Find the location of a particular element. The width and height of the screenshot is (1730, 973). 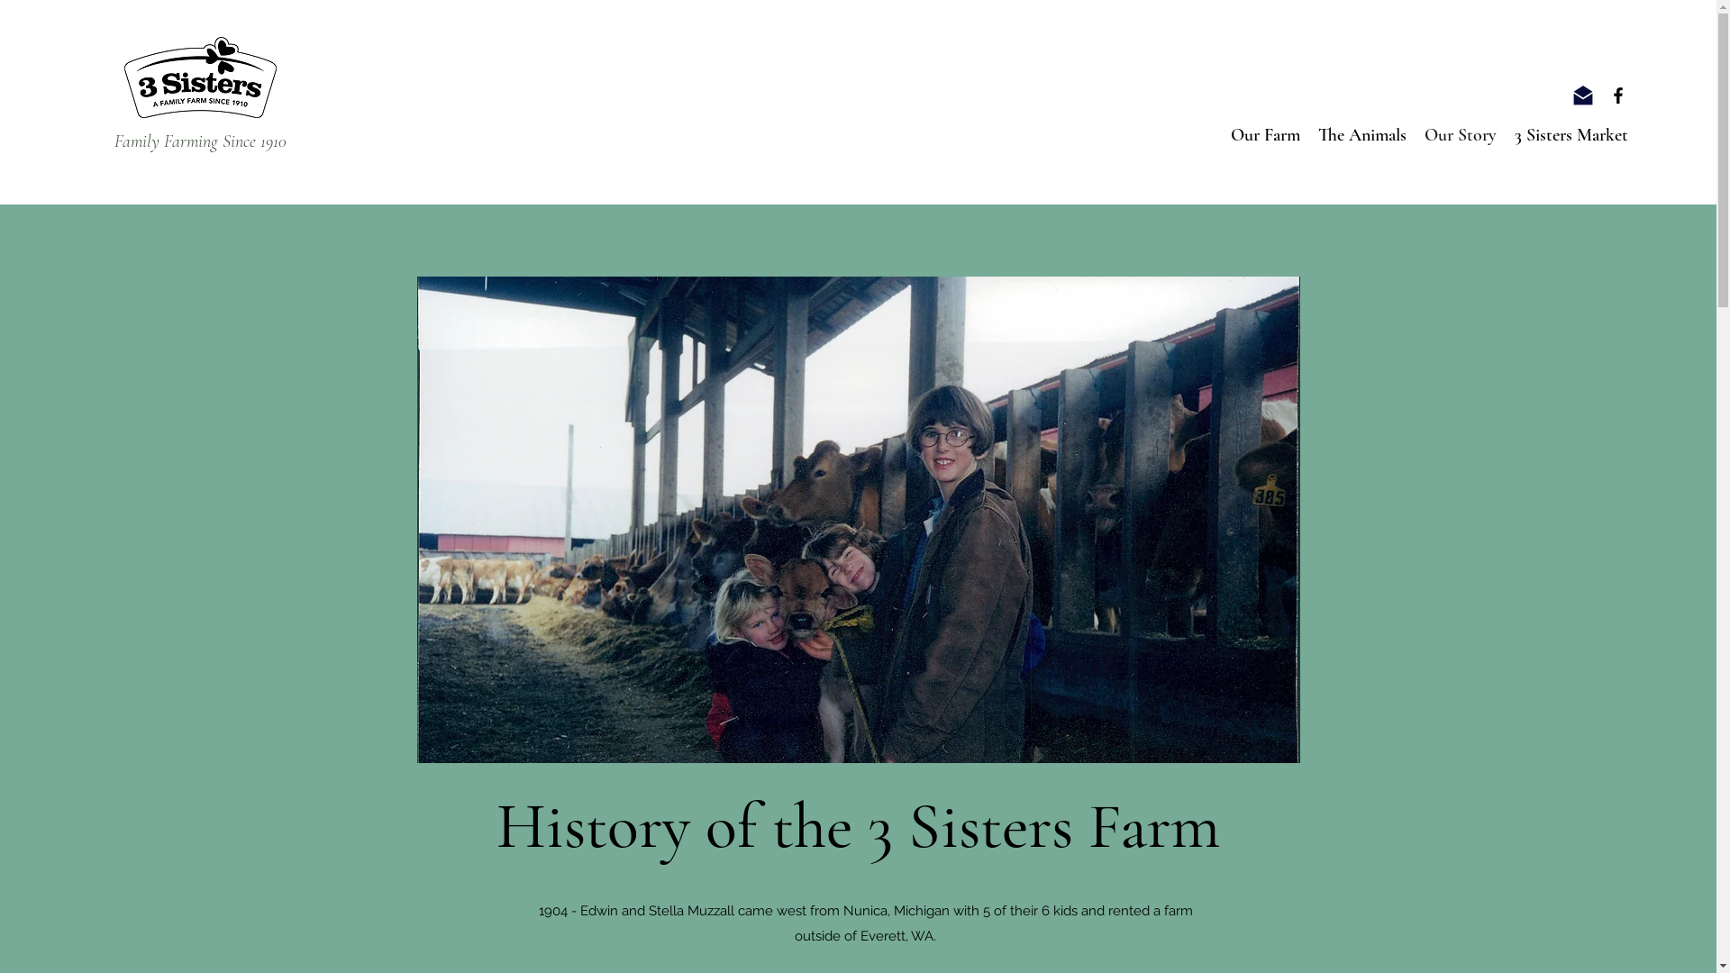

'The Animals' is located at coordinates (1362, 134).